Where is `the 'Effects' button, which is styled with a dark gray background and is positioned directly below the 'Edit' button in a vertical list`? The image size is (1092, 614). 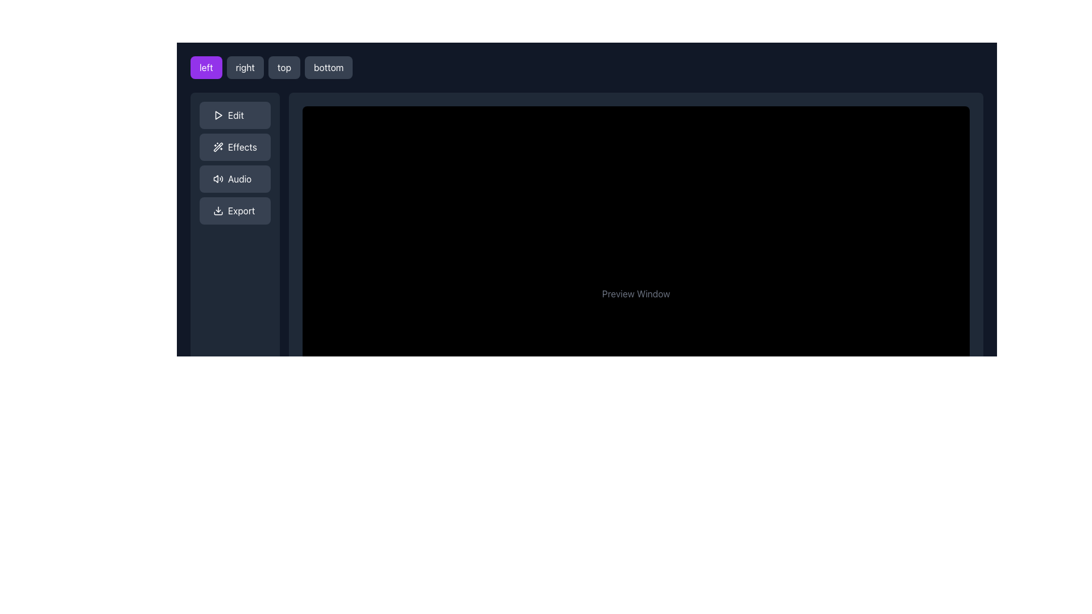
the 'Effects' button, which is styled with a dark gray background and is positioned directly below the 'Edit' button in a vertical list is located at coordinates (234, 146).